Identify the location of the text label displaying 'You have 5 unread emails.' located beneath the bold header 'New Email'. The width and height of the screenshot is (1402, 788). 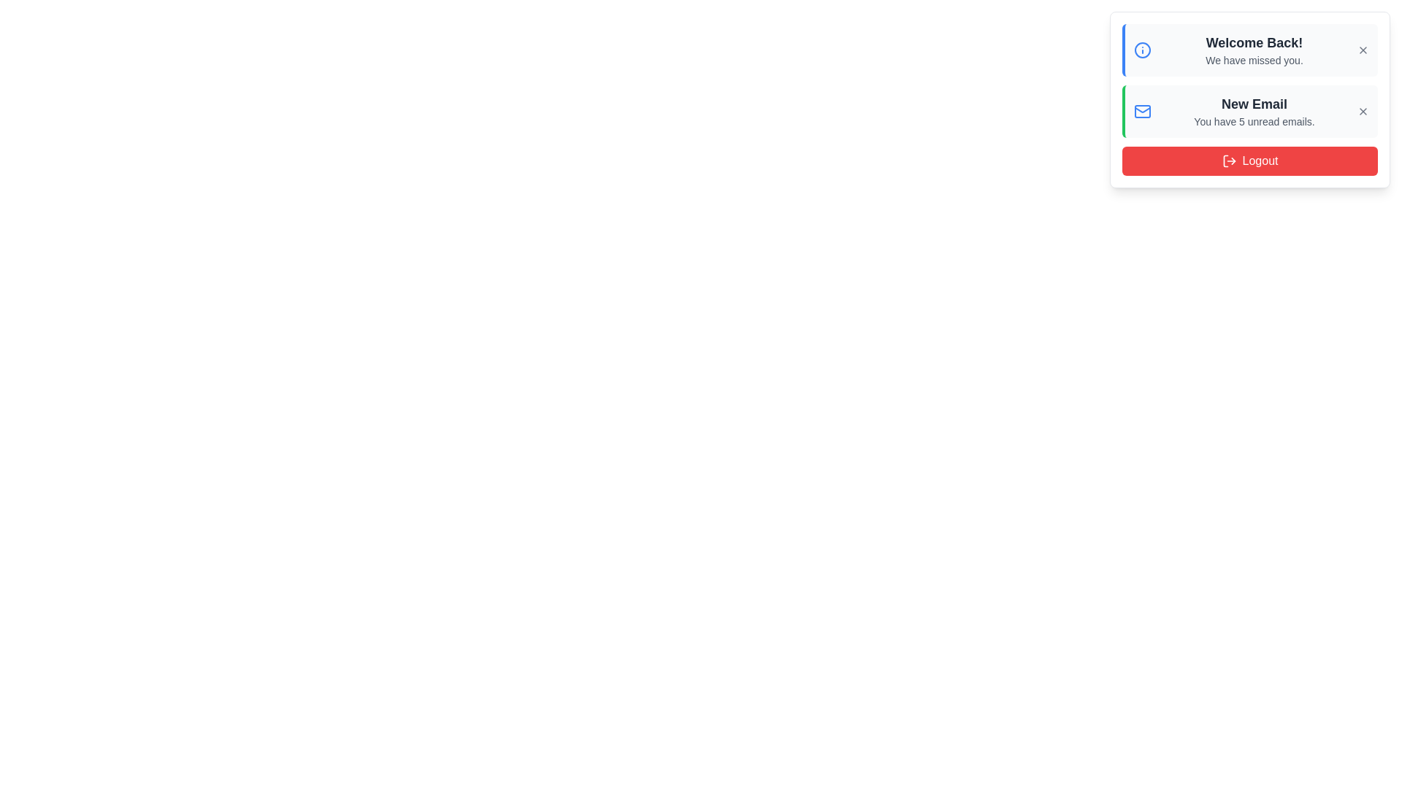
(1254, 120).